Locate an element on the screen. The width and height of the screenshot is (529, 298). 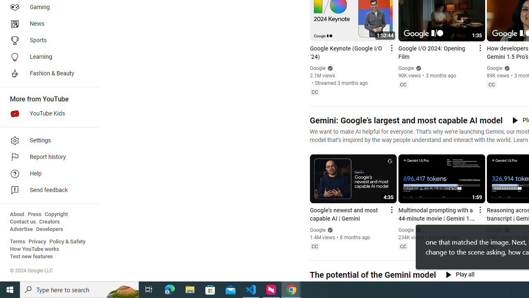
'How YouTube works' is located at coordinates (34, 249).